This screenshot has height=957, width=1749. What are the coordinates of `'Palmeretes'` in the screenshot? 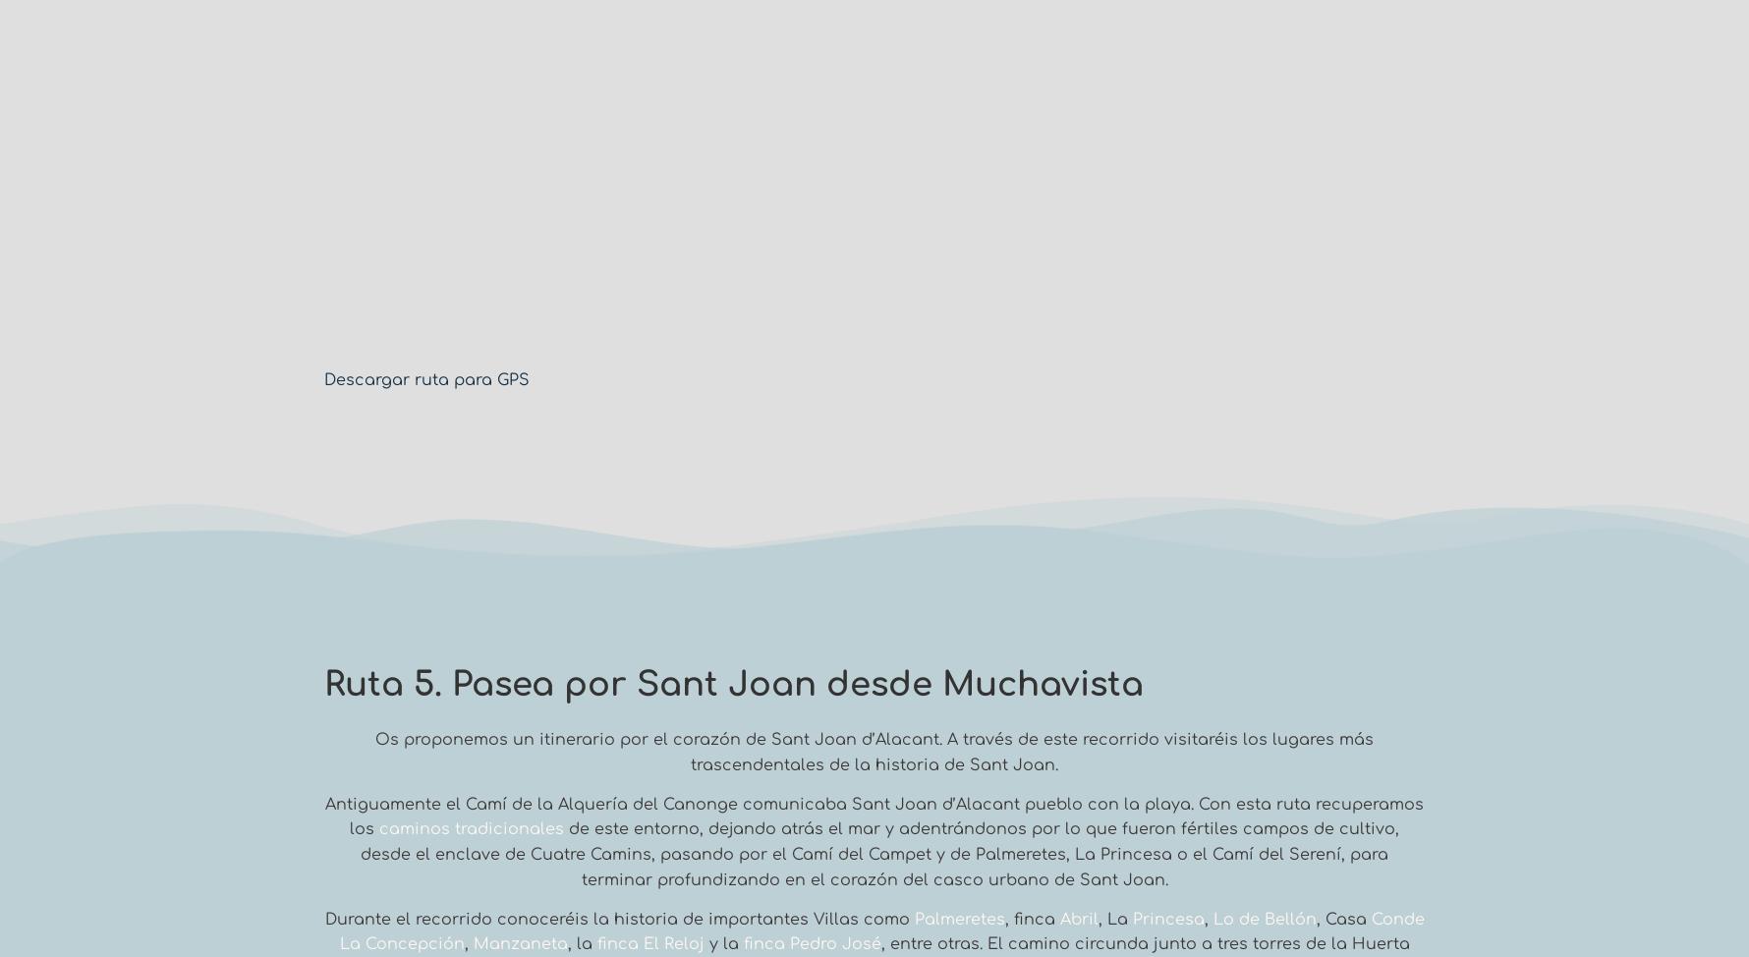 It's located at (957, 918).